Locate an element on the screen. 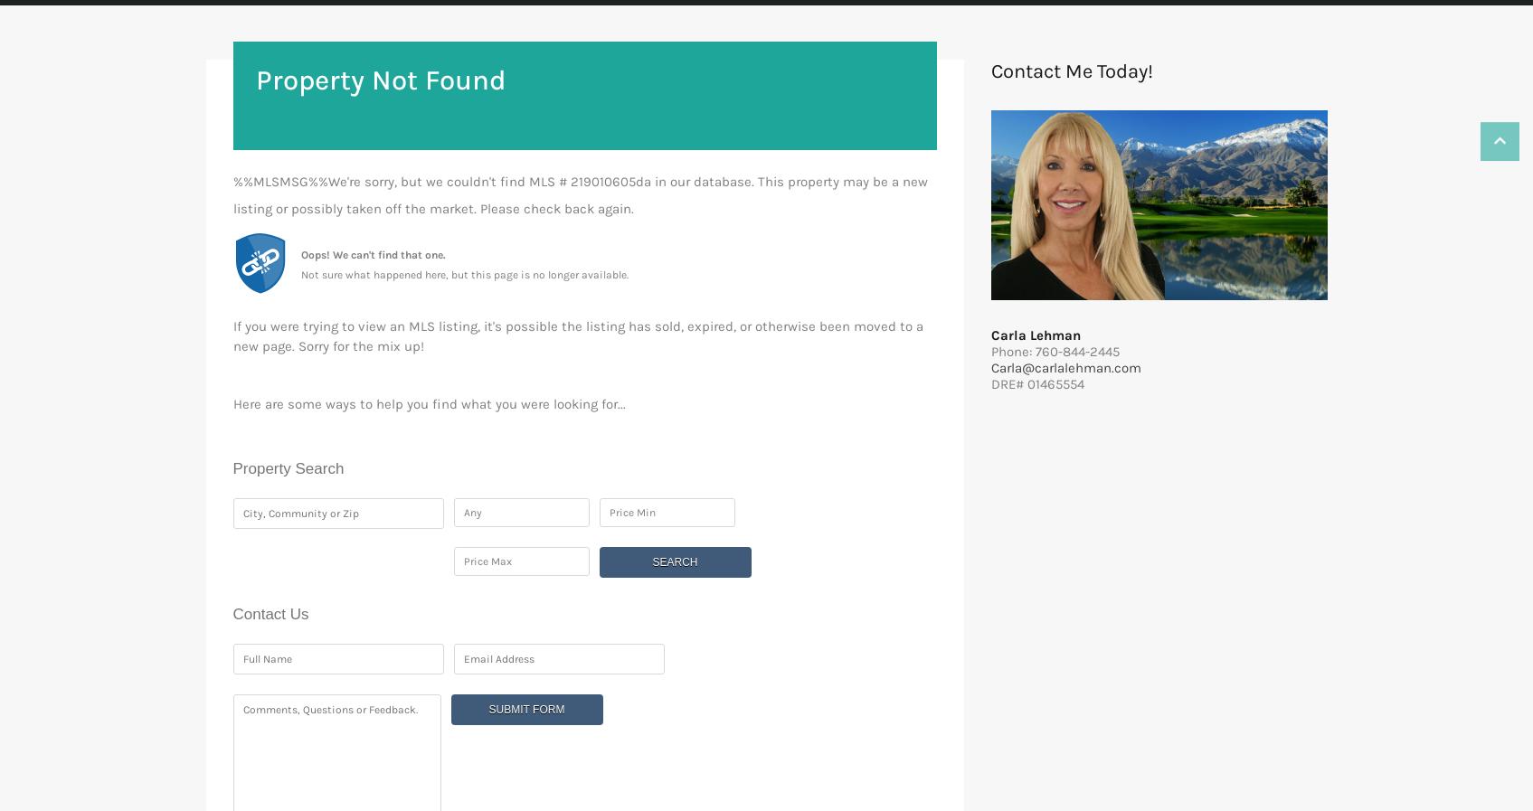  'Contact Us' is located at coordinates (231, 614).